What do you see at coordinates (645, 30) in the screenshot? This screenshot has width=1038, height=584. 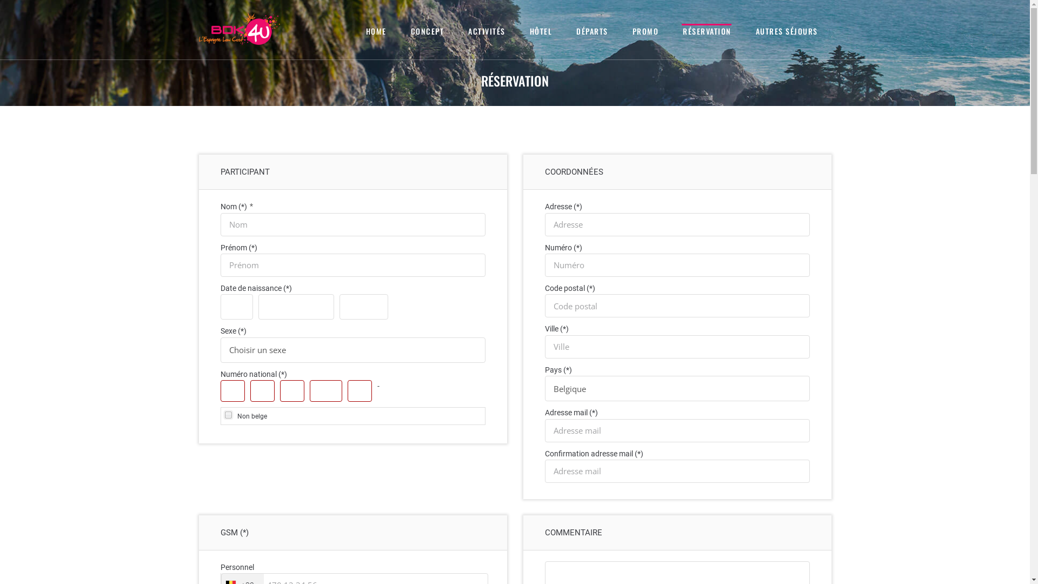 I see `'PROMO'` at bounding box center [645, 30].